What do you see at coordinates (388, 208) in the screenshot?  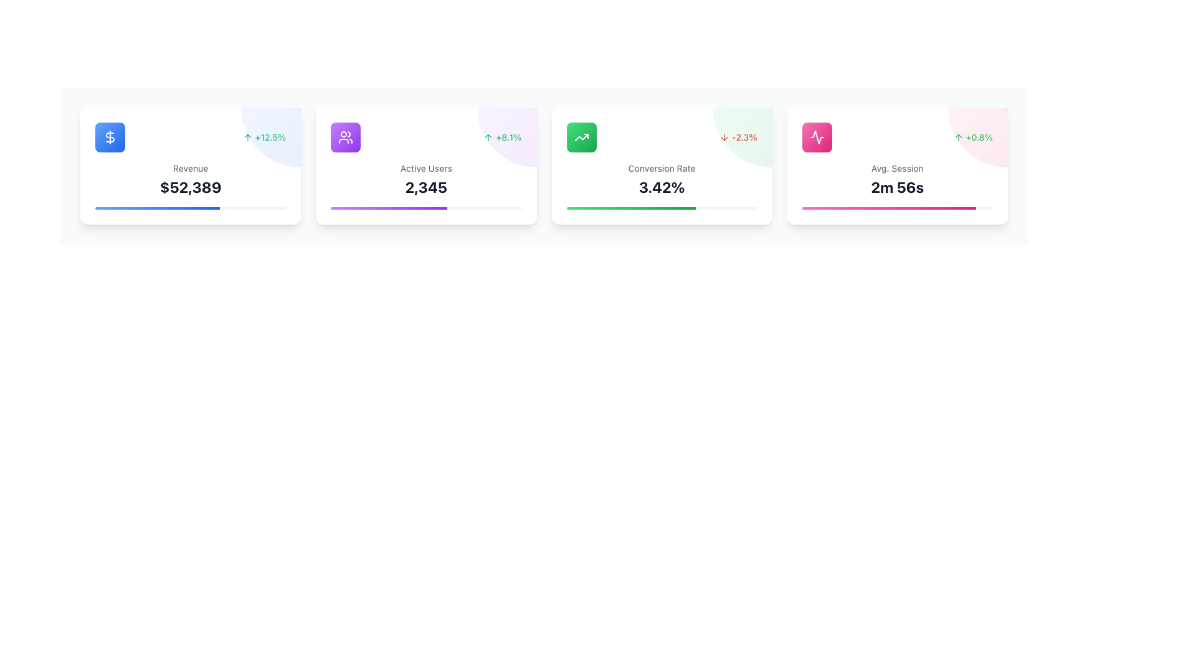 I see `the progress indicator, which is a horizontal bar with a gradient from purple to pinkish-purple, located below the 'Active Users' card in the dashboard layout` at bounding box center [388, 208].